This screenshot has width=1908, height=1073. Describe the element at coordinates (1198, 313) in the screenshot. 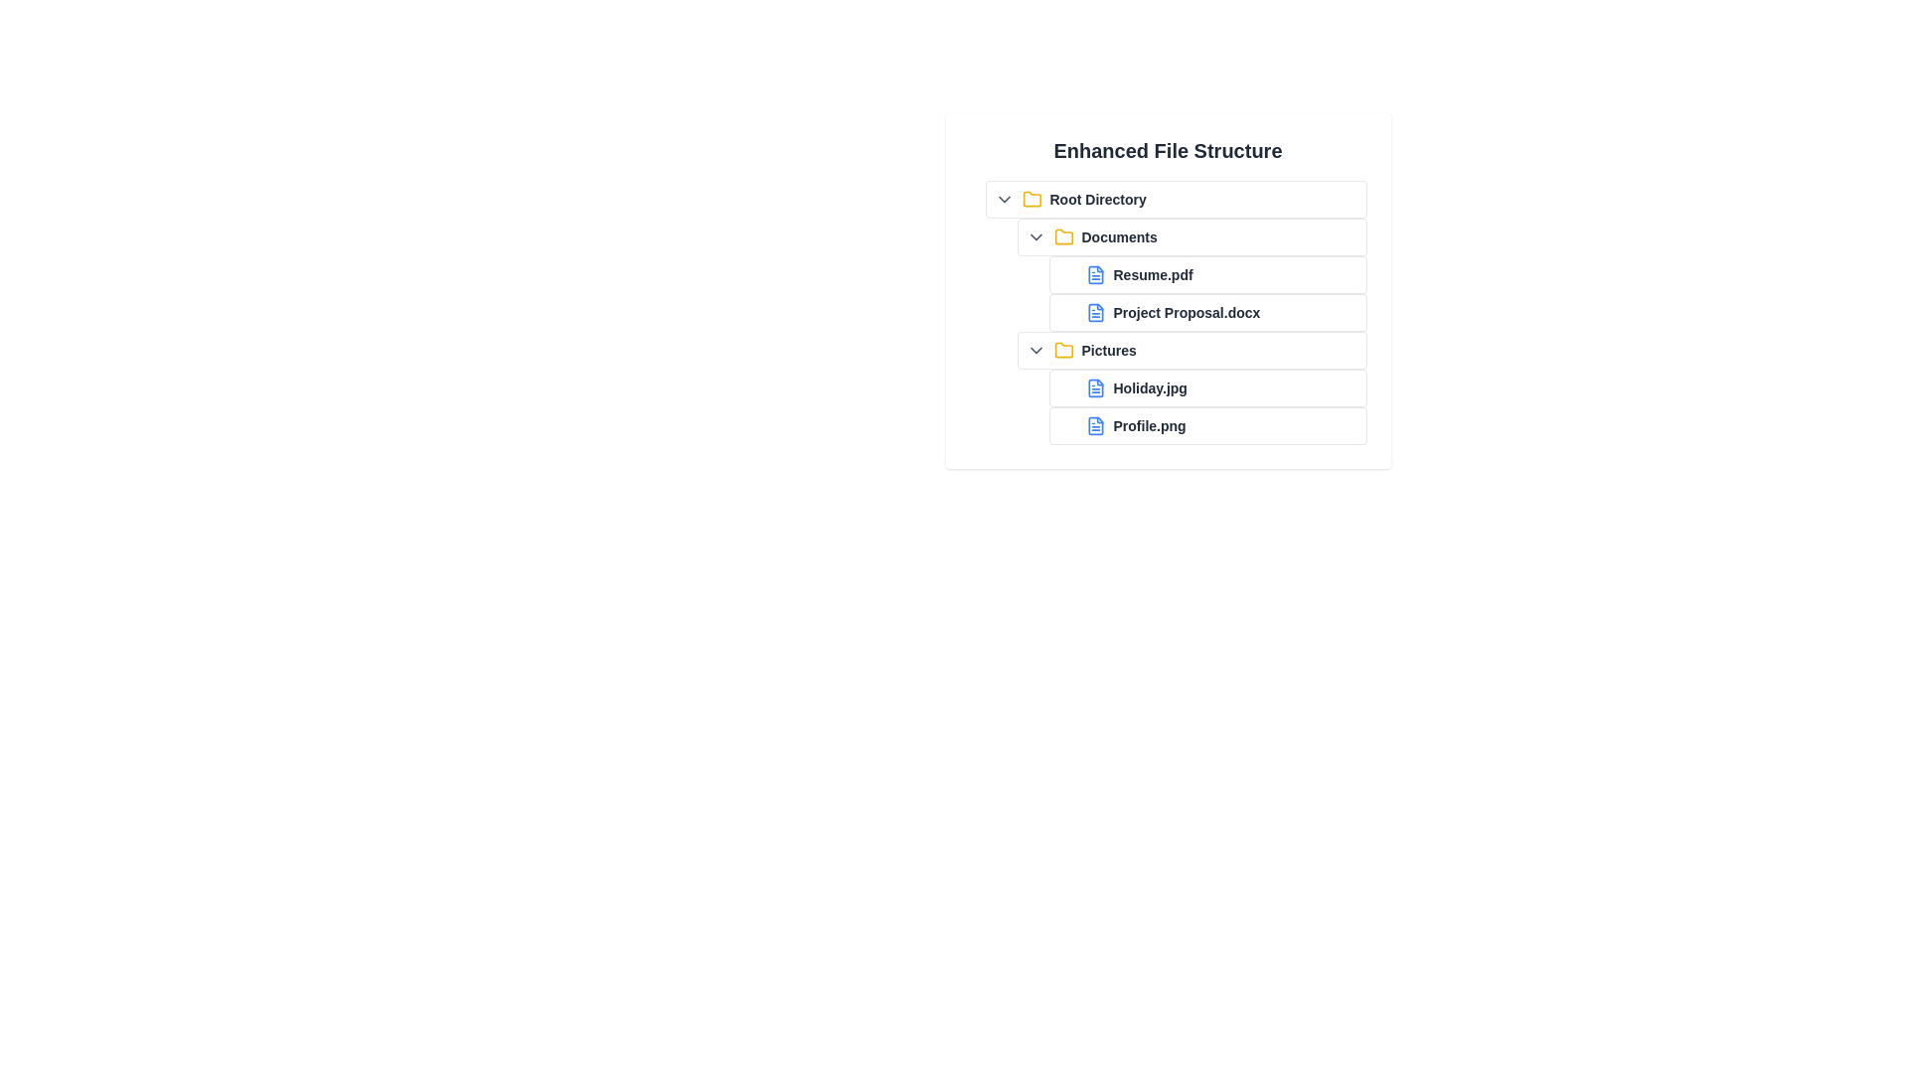

I see `to select the file entry named 'Project Proposal.docx' in the Documents folder, which is visually represented with a blue file icon and bold text, positioned below 'Resume.pdf'` at that location.